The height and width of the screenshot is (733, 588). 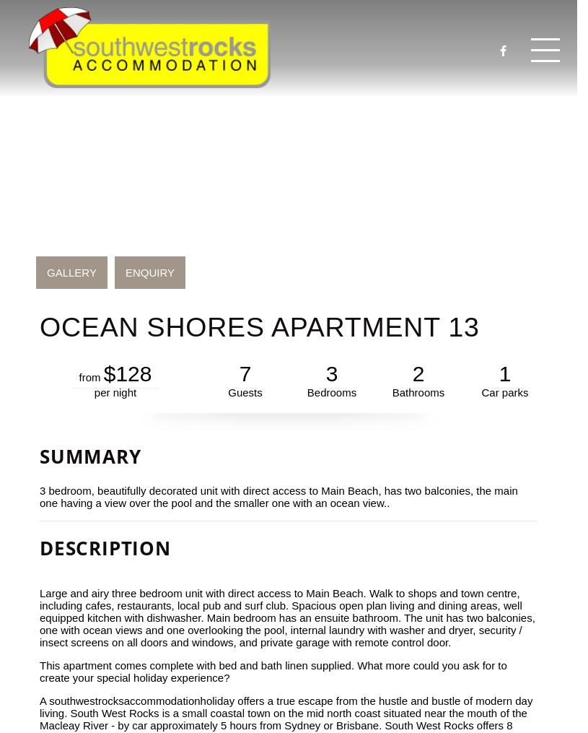 What do you see at coordinates (71, 272) in the screenshot?
I see `'GALLERY'` at bounding box center [71, 272].